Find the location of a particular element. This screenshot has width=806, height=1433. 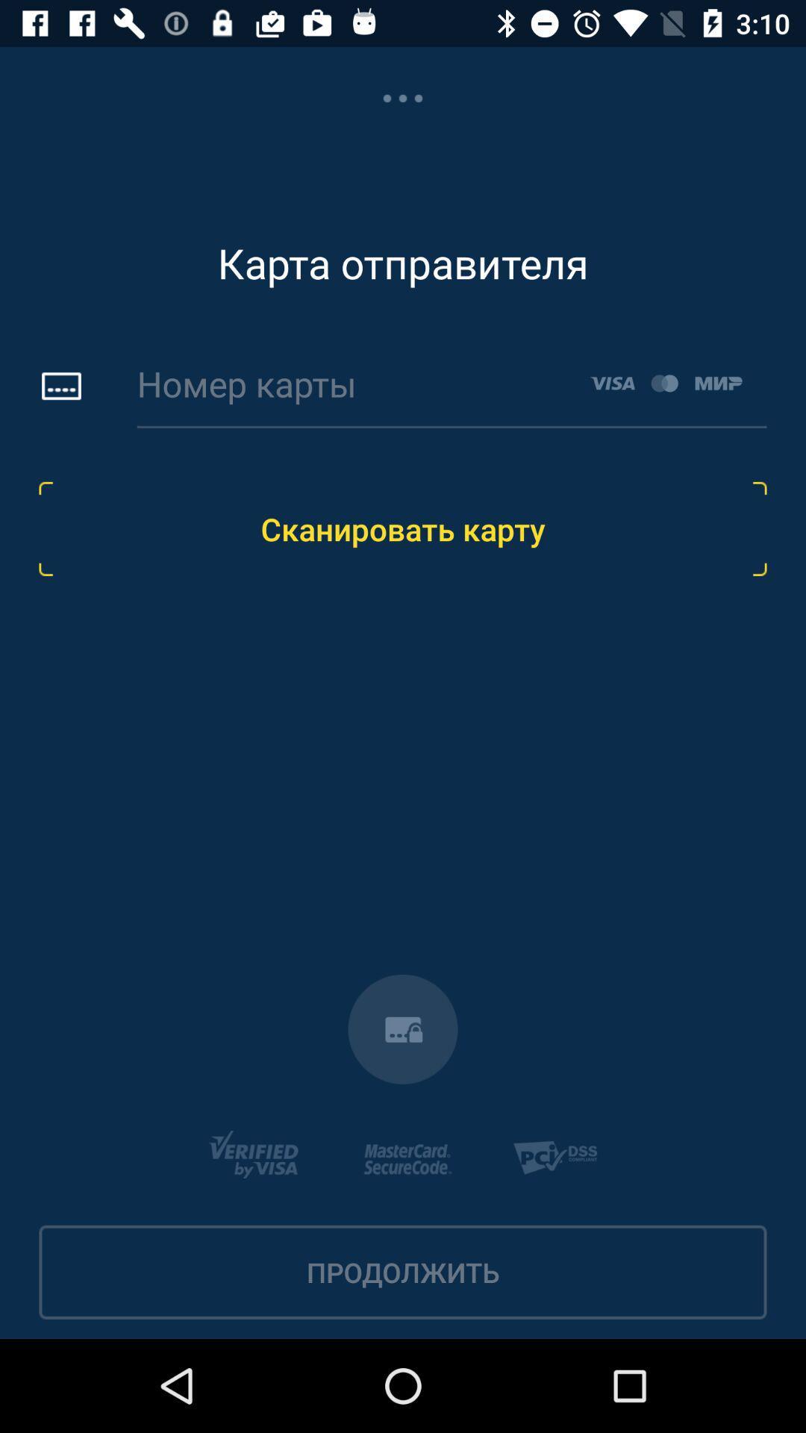

the videocam icon is located at coordinates (403, 1028).